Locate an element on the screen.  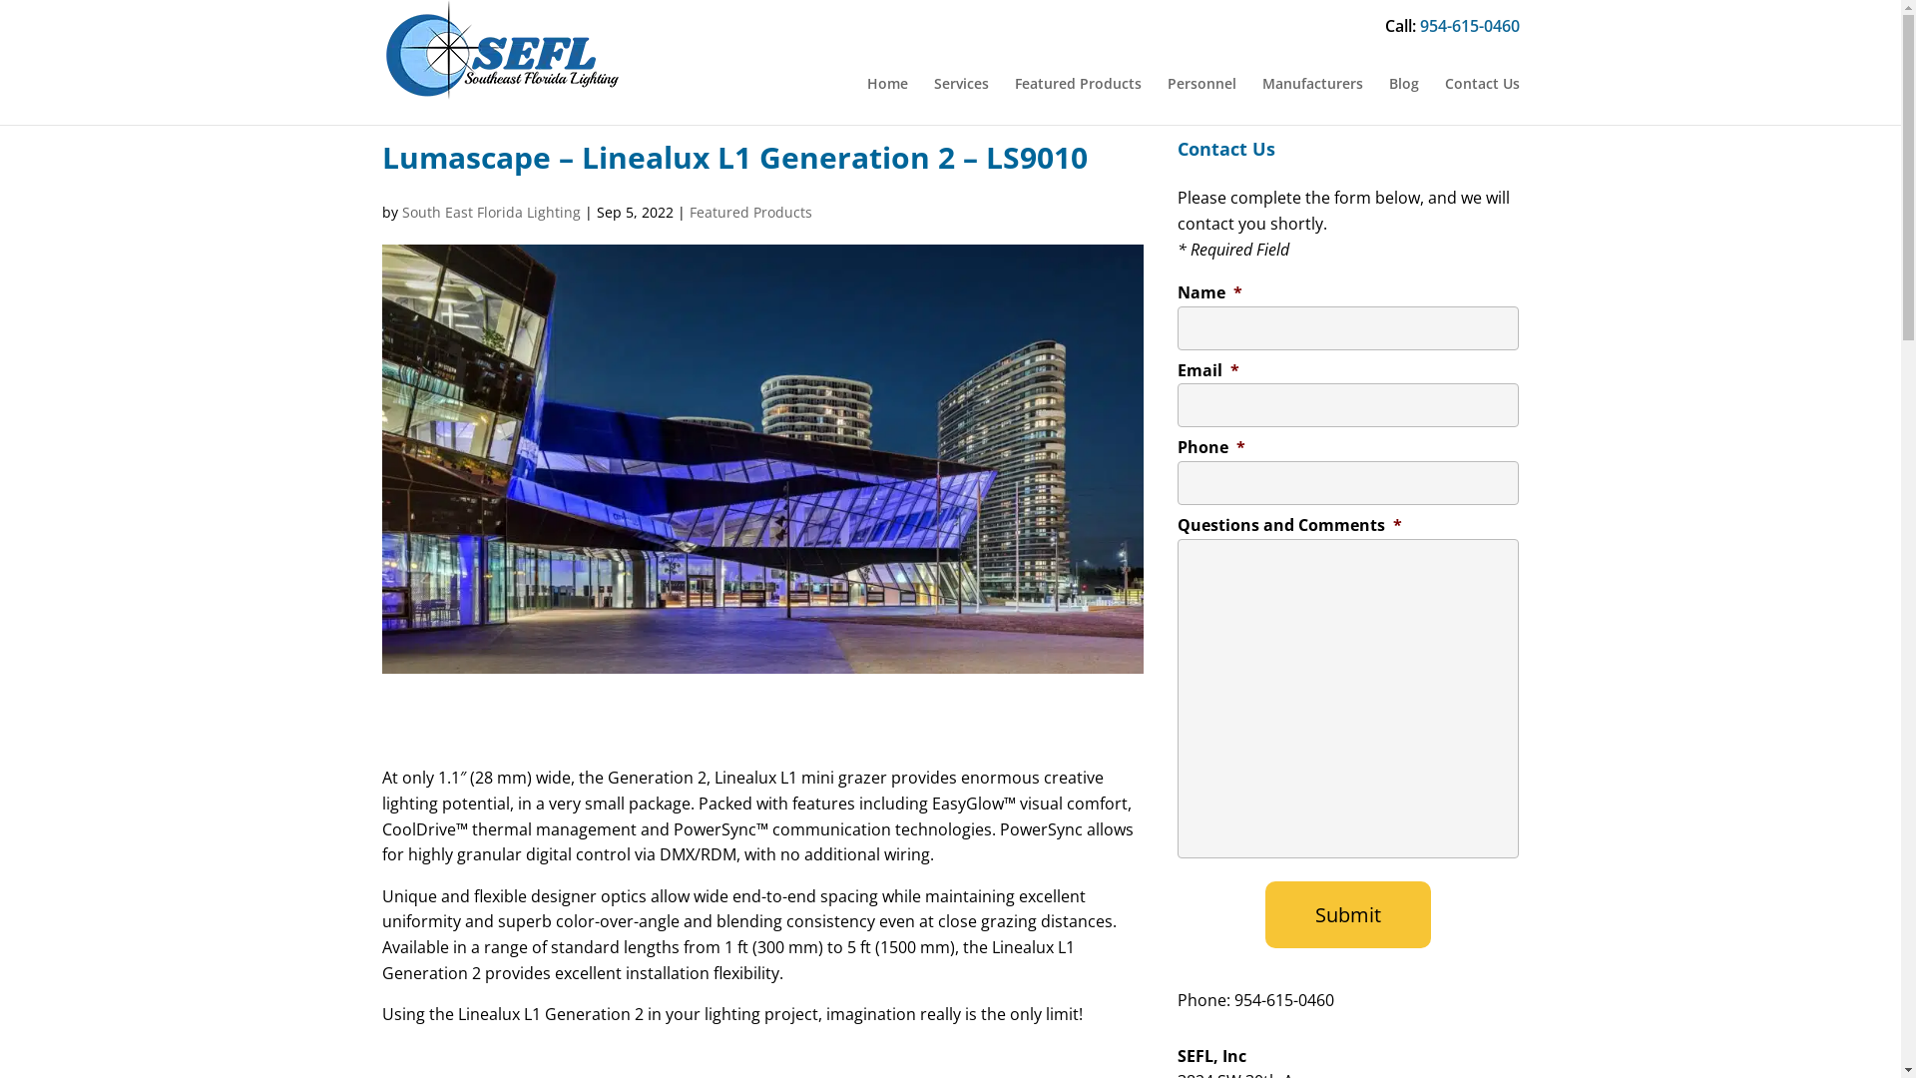
'Featured Products' is located at coordinates (1076, 83).